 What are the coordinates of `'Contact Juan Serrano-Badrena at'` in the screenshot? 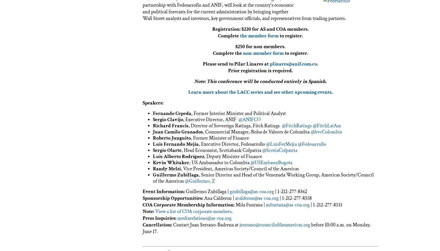 It's located at (206, 225).